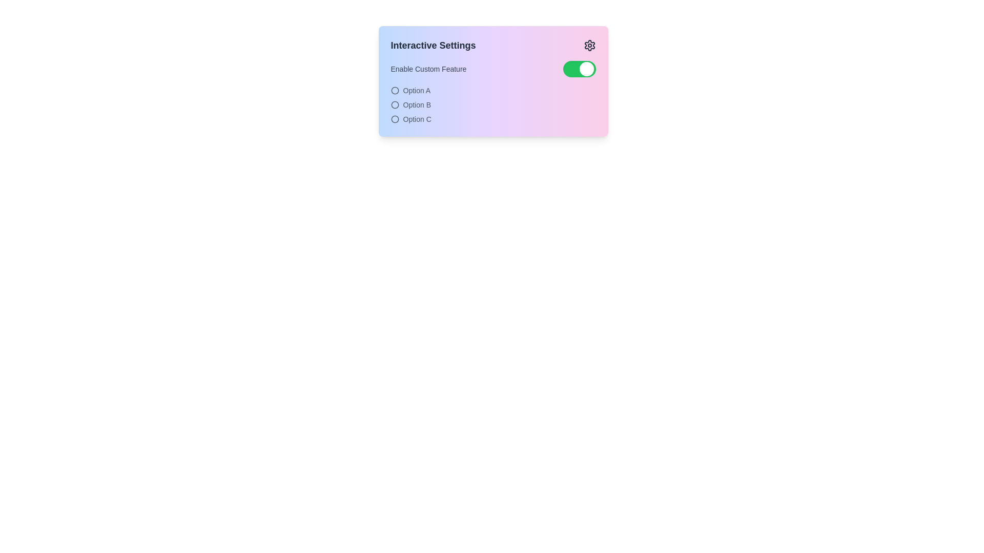 The image size is (984, 553). Describe the element at coordinates (433, 45) in the screenshot. I see `the 'Interactive Settings' text label, which is styled in bold, large dark gray font and serves as a header within its card-like structure` at that location.